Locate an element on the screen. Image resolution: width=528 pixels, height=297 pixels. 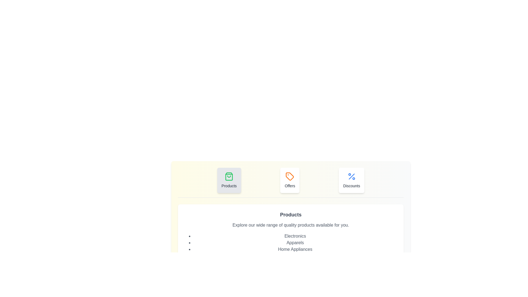
the tab labeled Products is located at coordinates (229, 180).